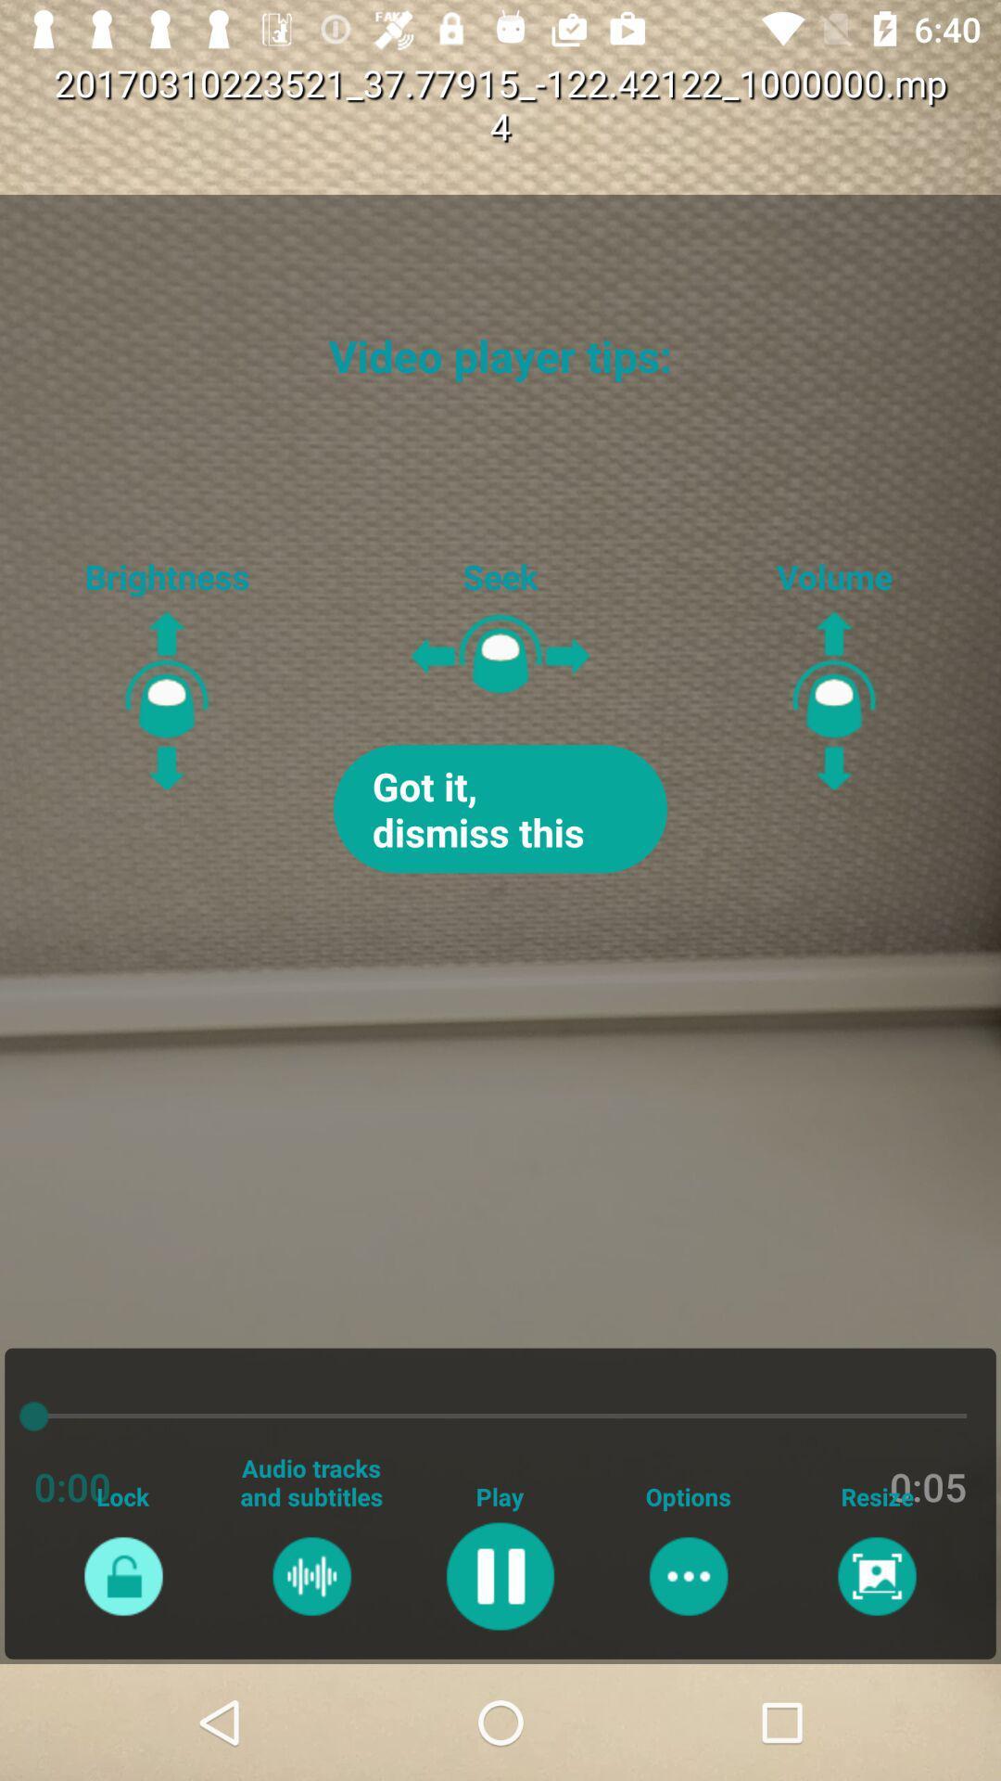 Image resolution: width=1001 pixels, height=1781 pixels. What do you see at coordinates (123, 1575) in the screenshot?
I see `lock option` at bounding box center [123, 1575].